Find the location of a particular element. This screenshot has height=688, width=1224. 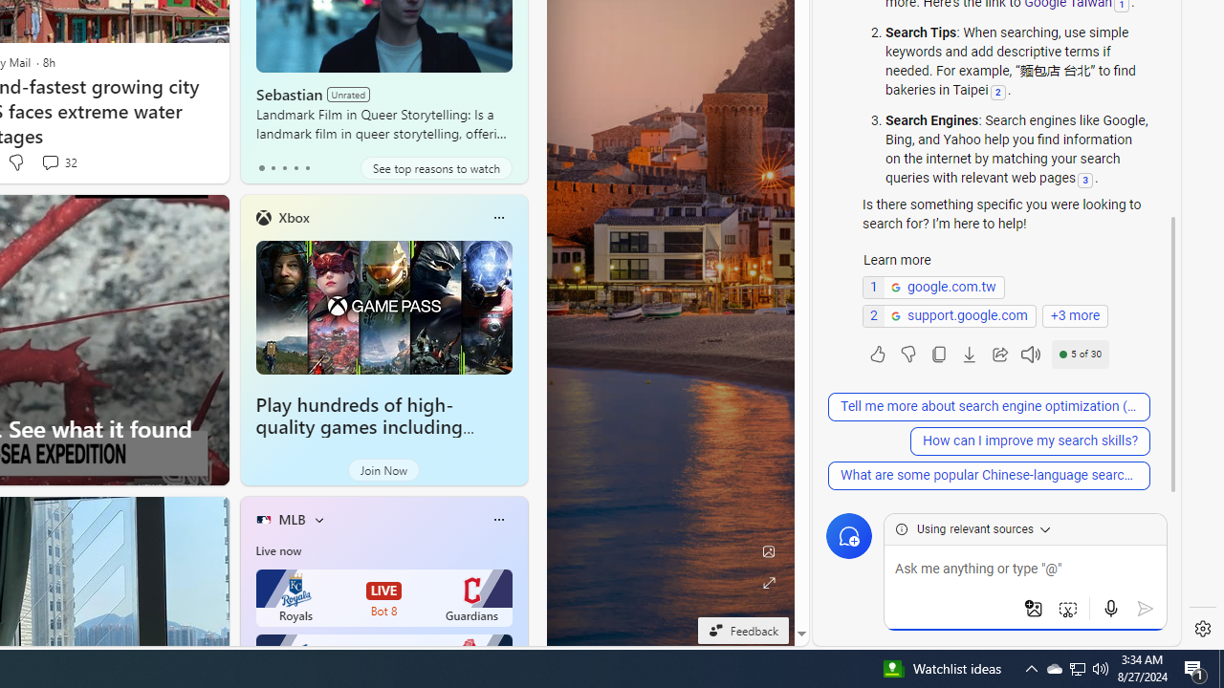

'tab-2' is located at coordinates (283, 167).